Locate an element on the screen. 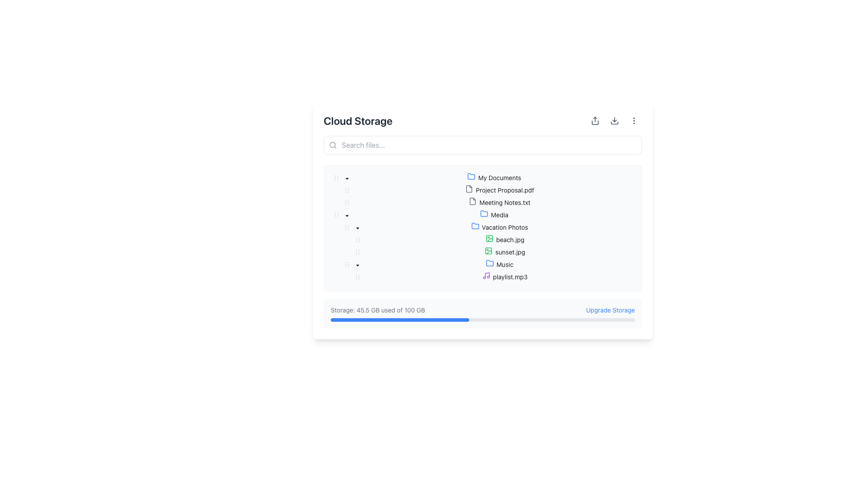 The image size is (849, 478). the middle button in the horizontal group of three buttons to initiate a download action for the displayed content is located at coordinates (614, 121).